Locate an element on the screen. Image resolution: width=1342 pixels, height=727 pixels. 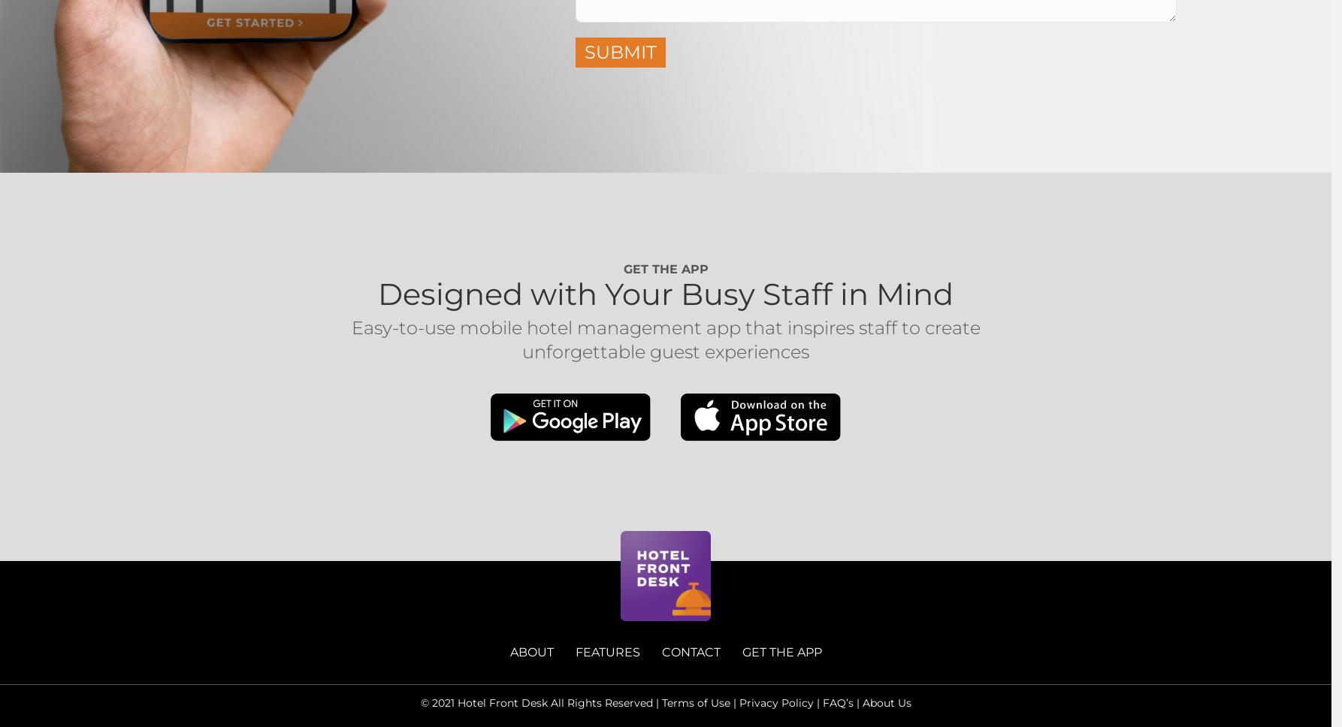
'Get the App' is located at coordinates (664, 269).